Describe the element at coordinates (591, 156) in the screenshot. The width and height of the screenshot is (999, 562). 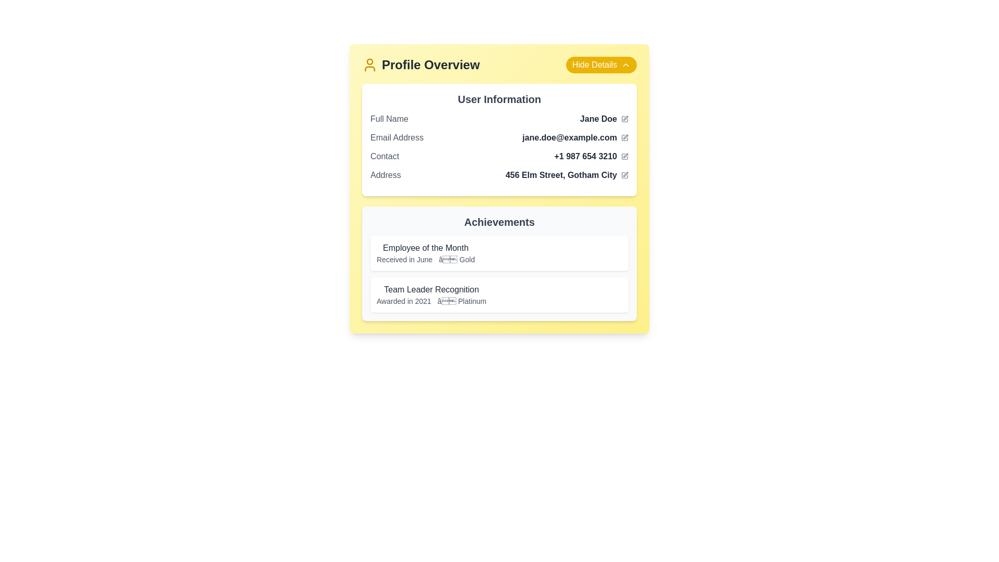
I see `the contact phone number displayed in the 'User Information' section, located to the right of the 'Contact' label and to the left of the editable pen icon` at that location.